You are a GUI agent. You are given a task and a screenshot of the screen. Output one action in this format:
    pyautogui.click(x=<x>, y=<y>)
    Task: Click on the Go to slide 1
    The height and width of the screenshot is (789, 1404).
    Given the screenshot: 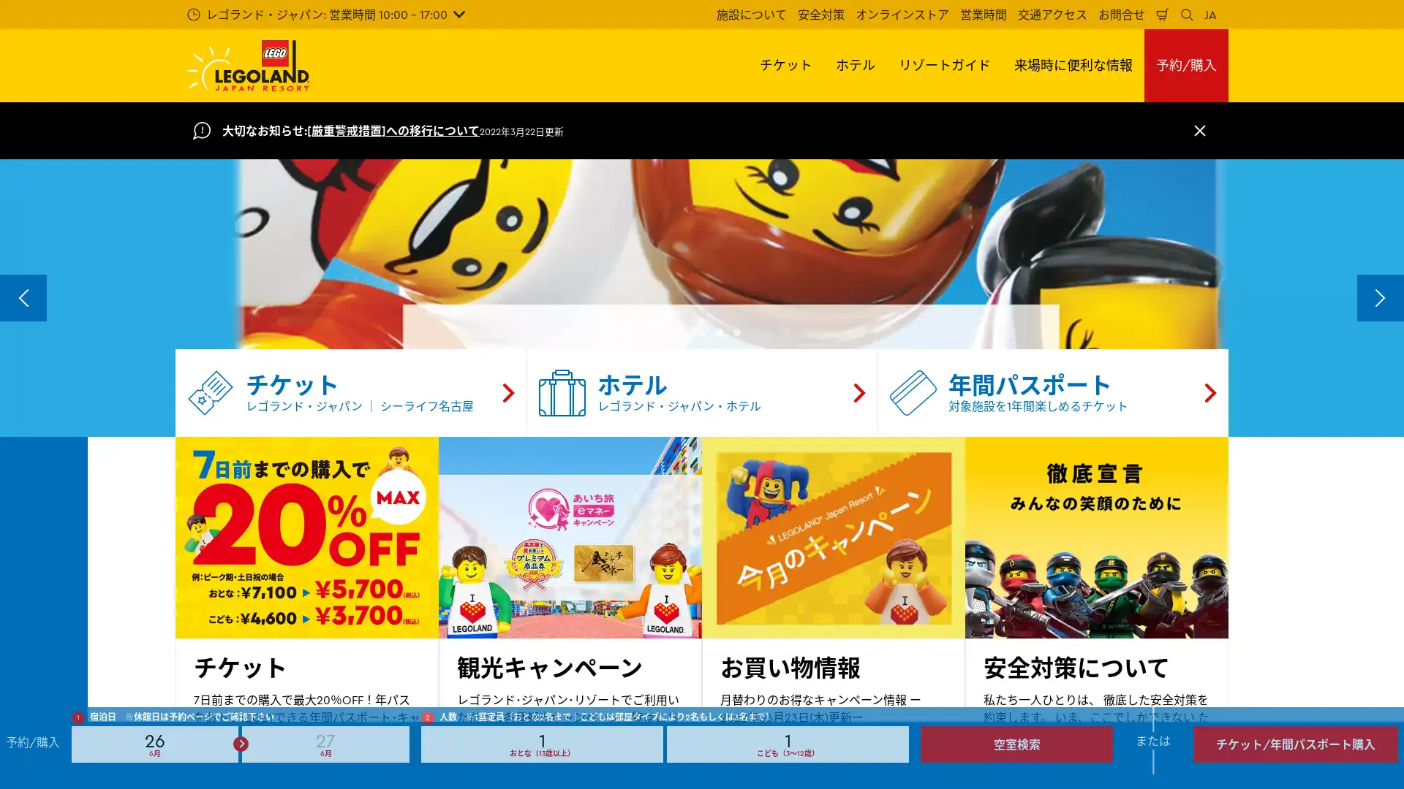 What is the action you would take?
    pyautogui.click(x=666, y=622)
    